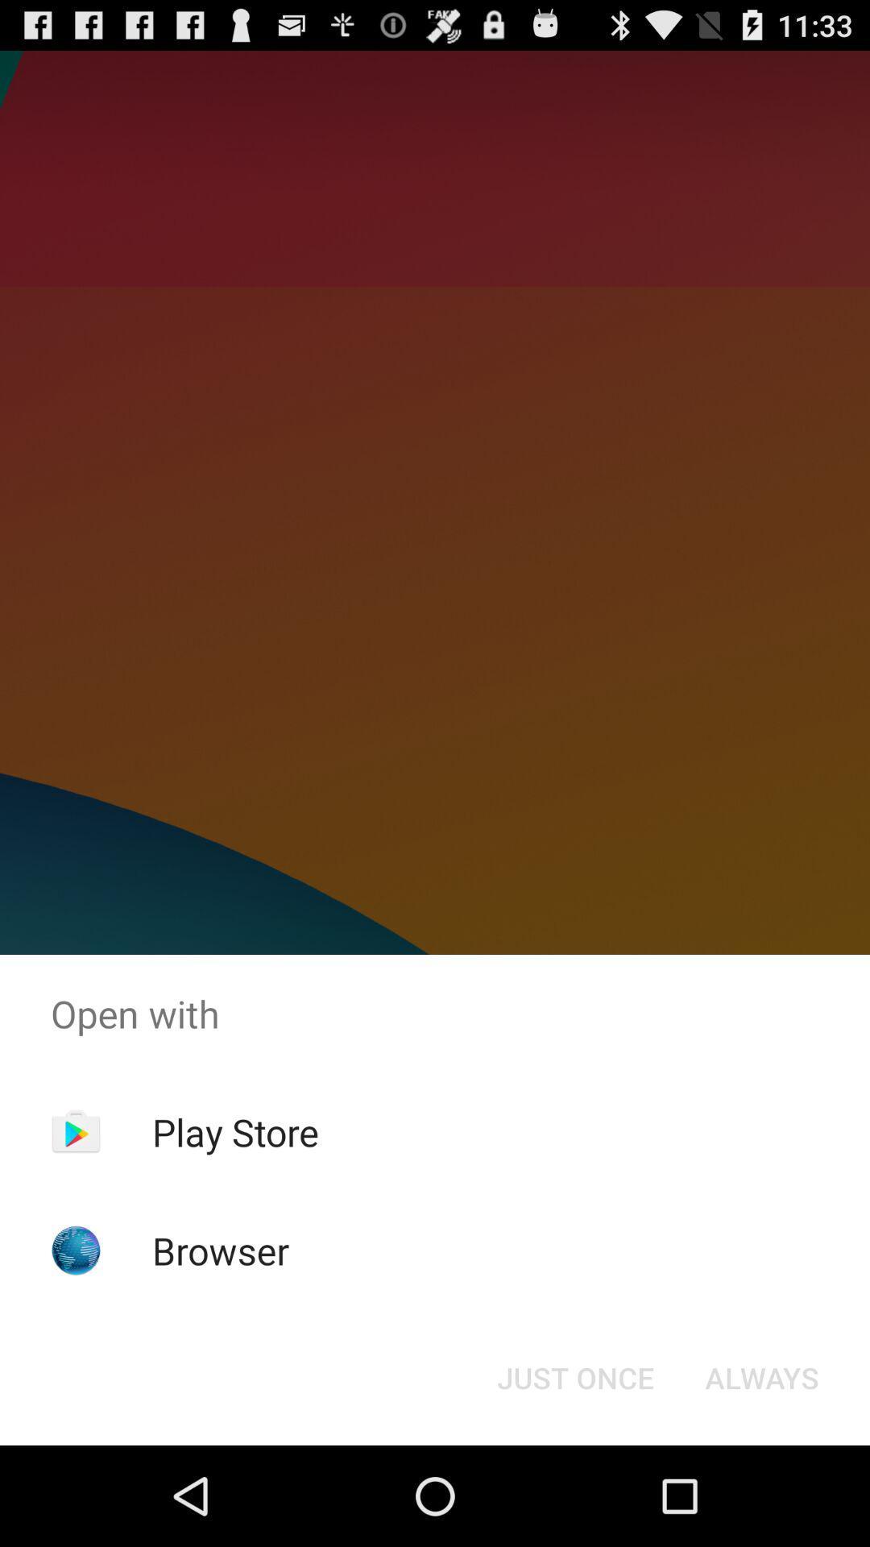 The image size is (870, 1547). Describe the element at coordinates (235, 1131) in the screenshot. I see `play store item` at that location.